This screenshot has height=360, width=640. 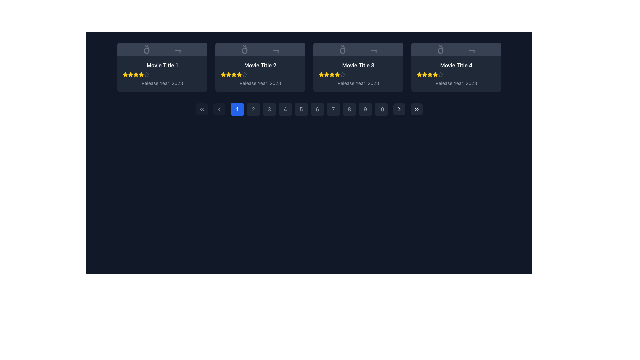 I want to click on the third star-shaped rating icon associated with 'Movie Title 3' to adjust the rating, so click(x=337, y=74).